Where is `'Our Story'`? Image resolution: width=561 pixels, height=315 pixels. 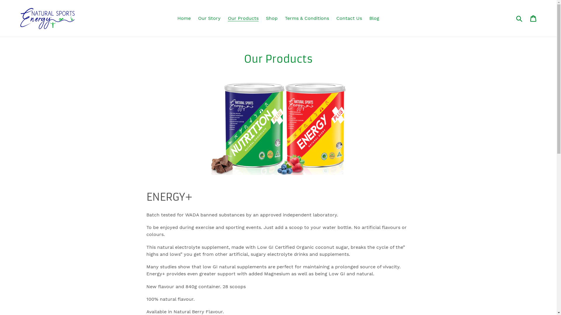 'Our Story' is located at coordinates (209, 18).